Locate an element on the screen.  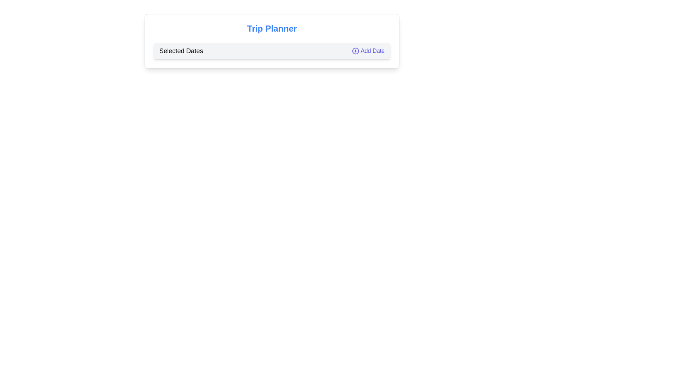
the circular icon with a blue outlined plus symbol located to the left of the 'Add Date' text in the 'Selected Dates' section is located at coordinates (356, 51).